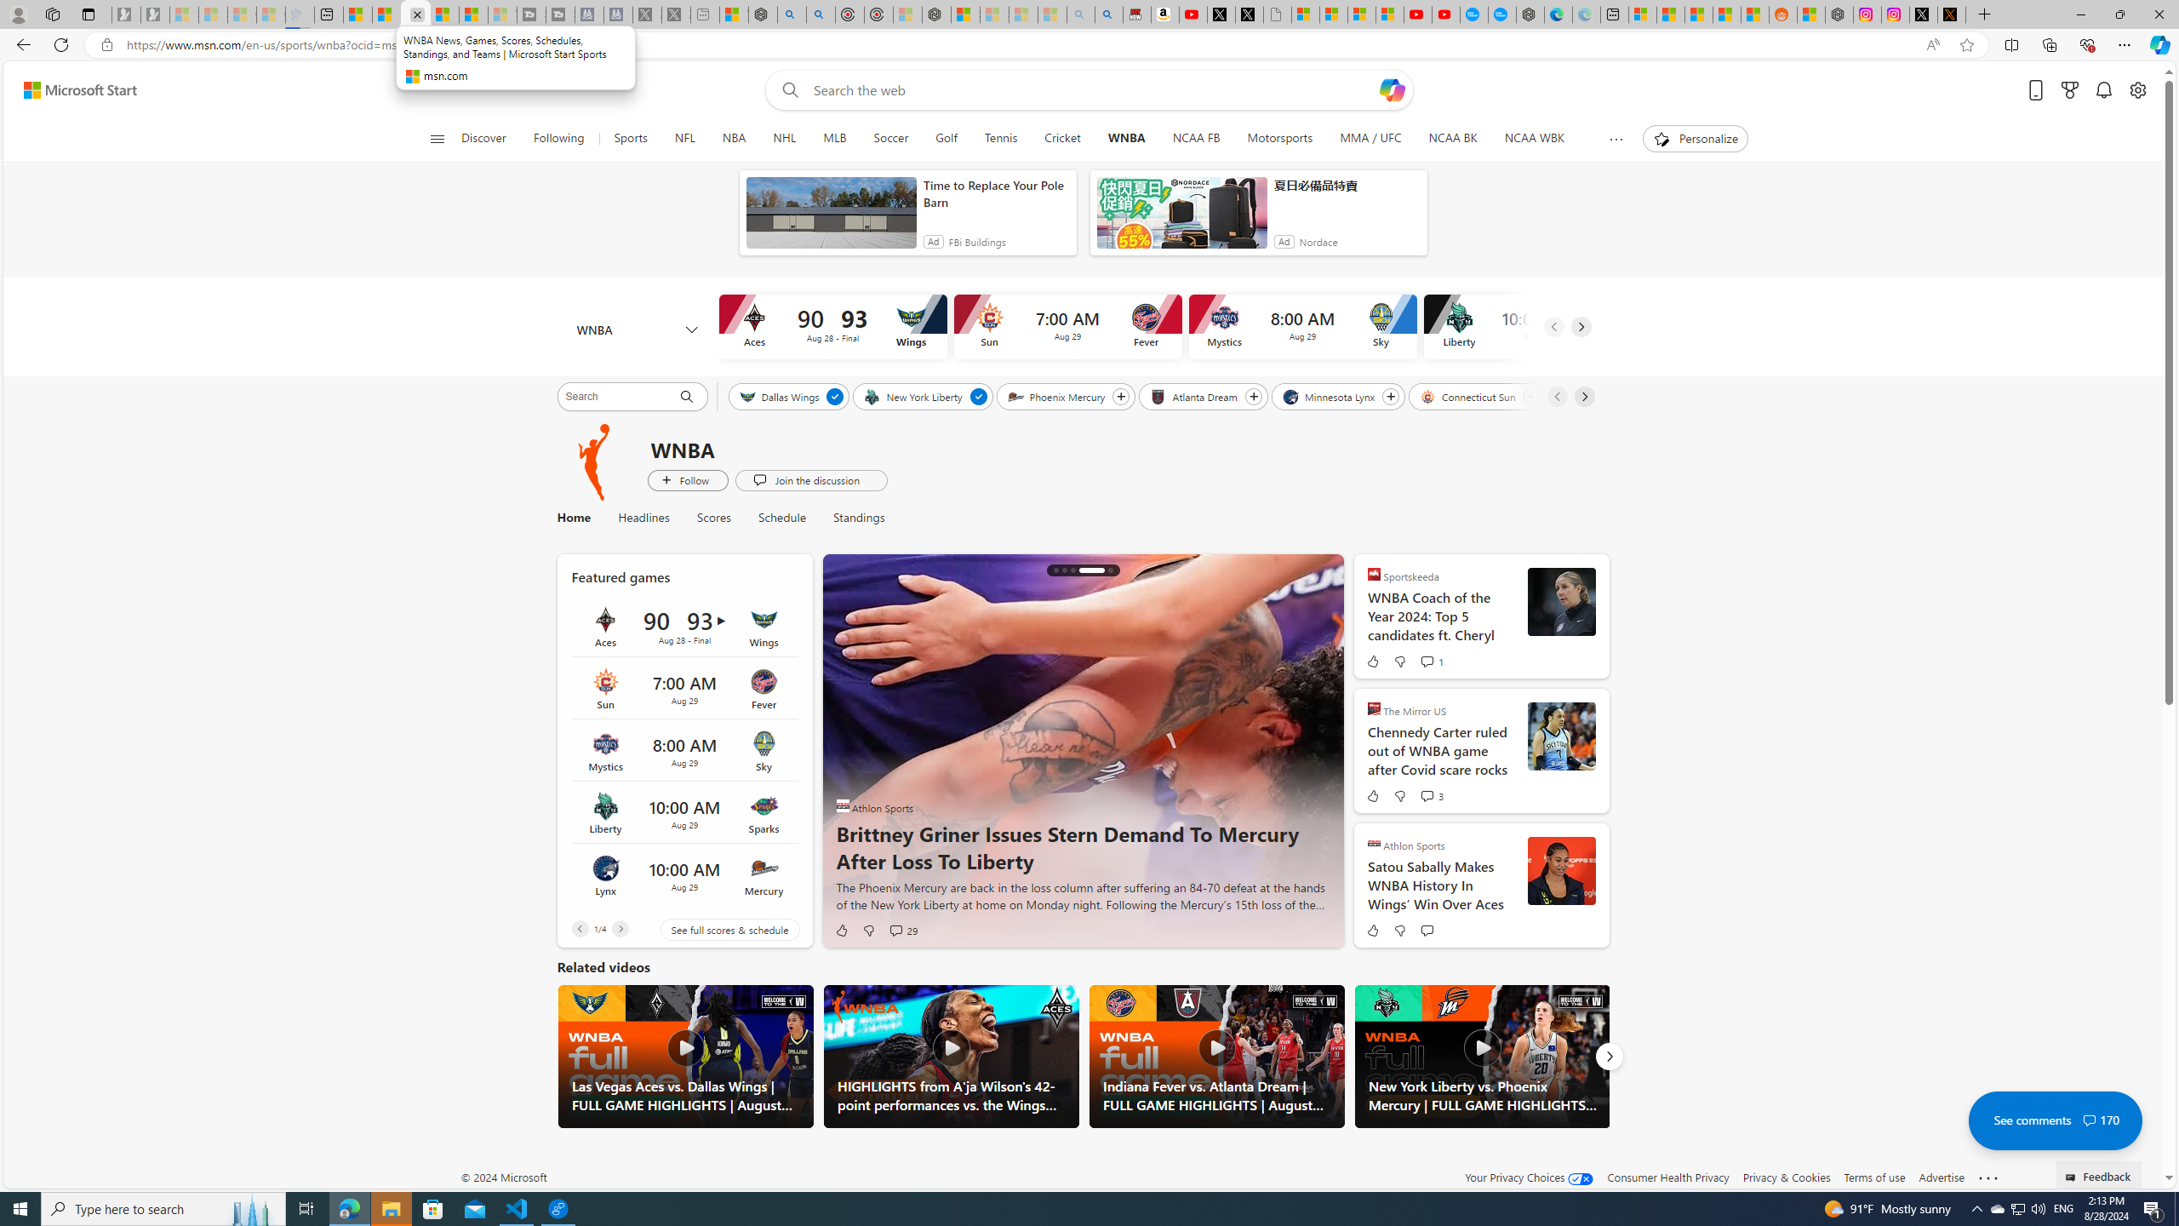  What do you see at coordinates (1374, 708) in the screenshot?
I see `'The Mirror US'` at bounding box center [1374, 708].